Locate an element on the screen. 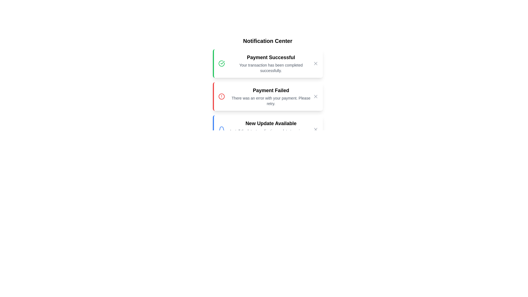 The image size is (528, 297). the 'Payment Successful' alert box to observe the hover effect is located at coordinates (268, 63).